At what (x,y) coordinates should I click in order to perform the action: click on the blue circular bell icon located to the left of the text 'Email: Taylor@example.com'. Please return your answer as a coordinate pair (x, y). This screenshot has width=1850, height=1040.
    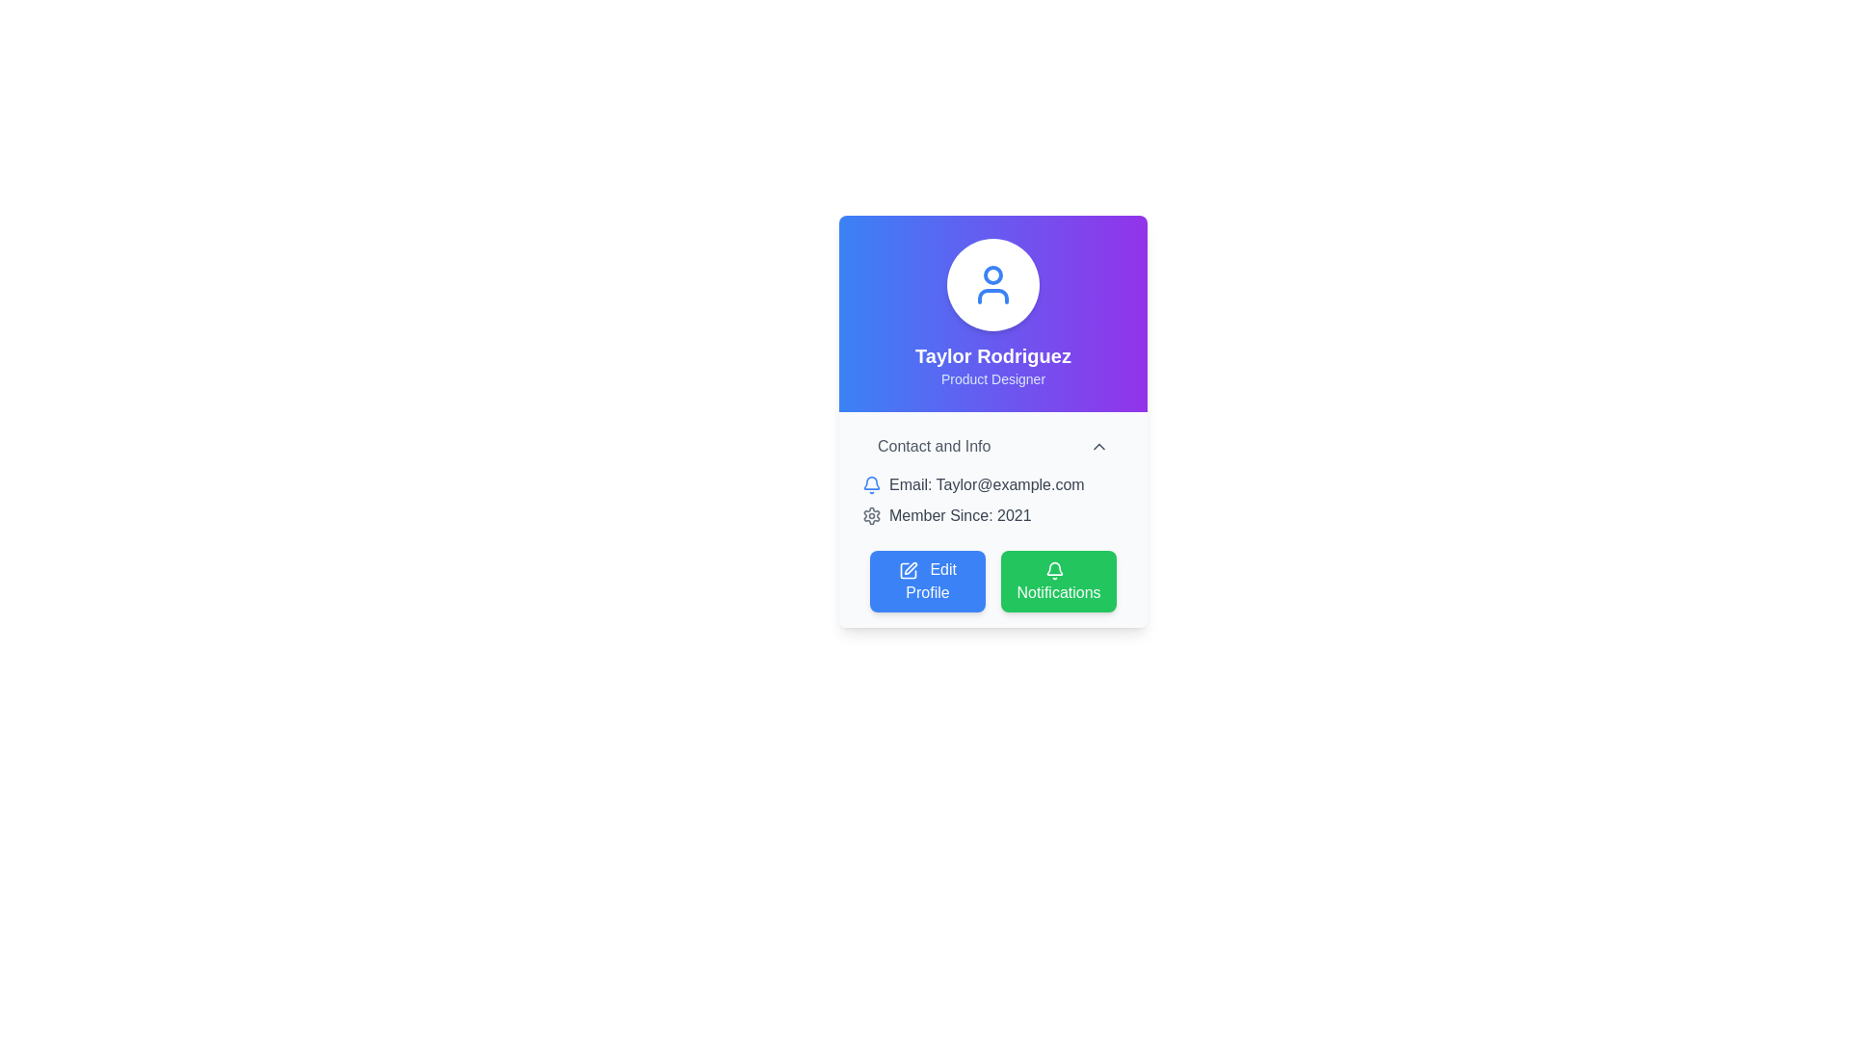
    Looking at the image, I should click on (871, 484).